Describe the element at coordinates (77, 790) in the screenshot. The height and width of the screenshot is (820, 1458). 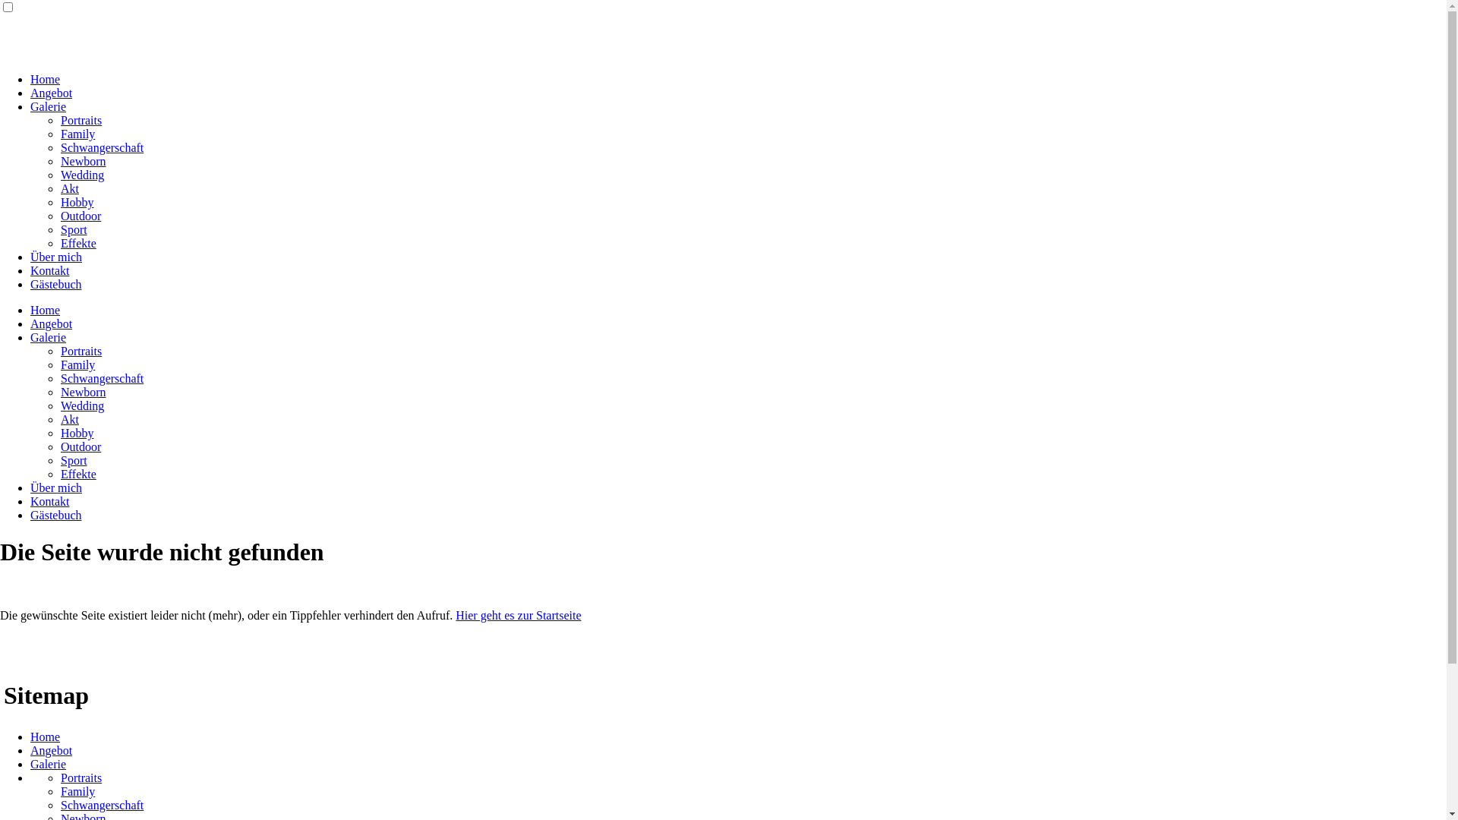
I see `'Family'` at that location.